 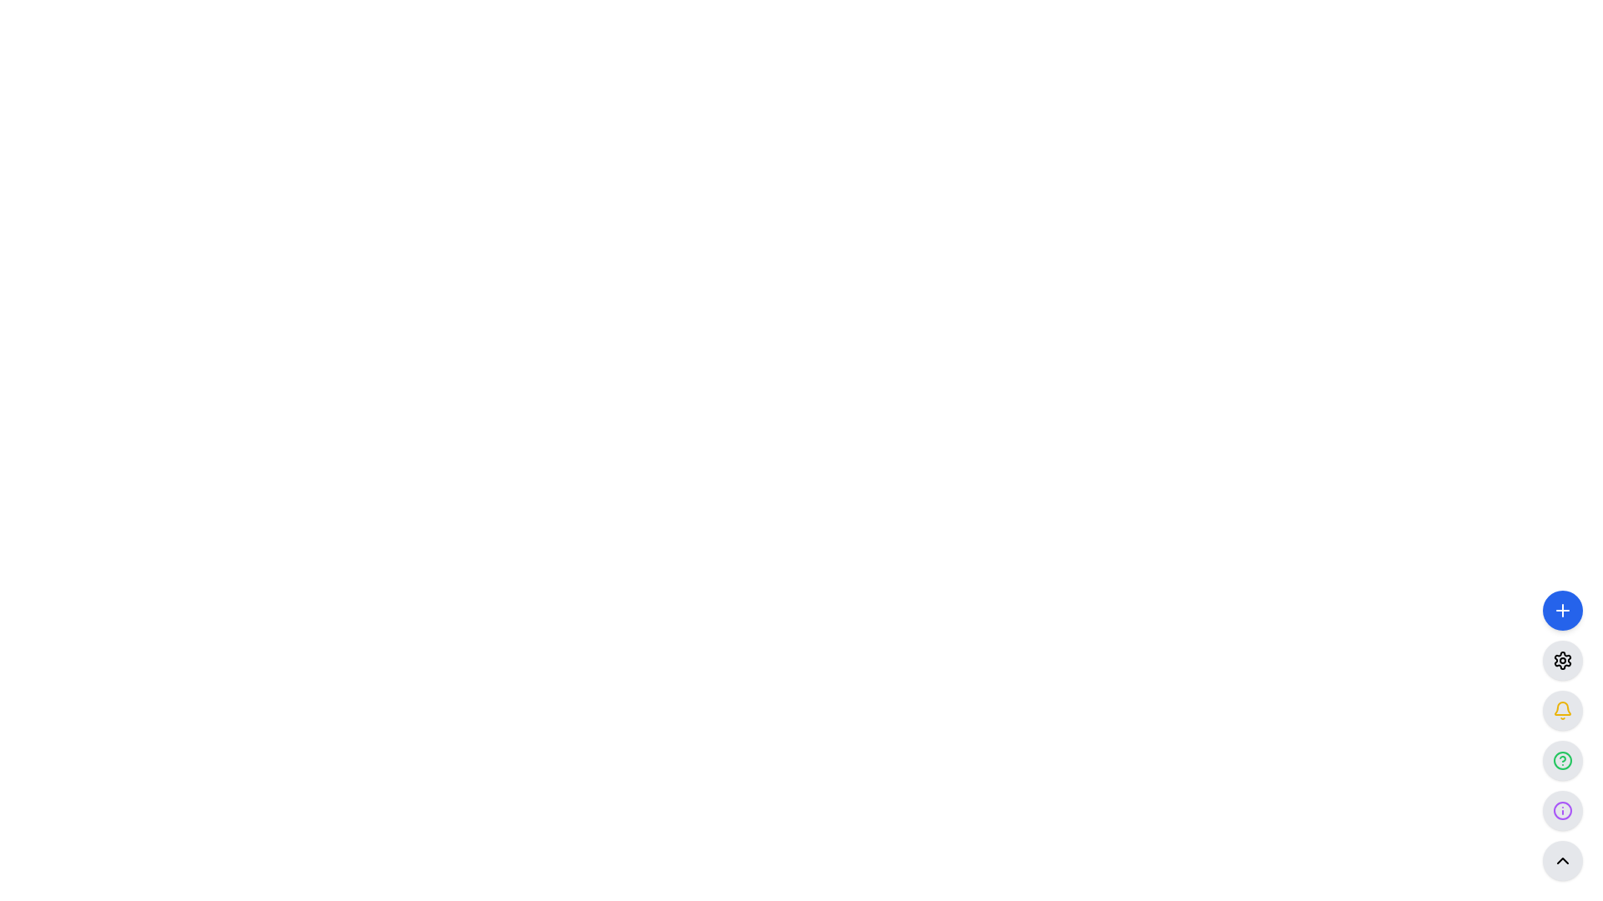 I want to click on the green help button with a question mark icon, which is the third button in a vertical stack of buttons on the right side of the interface, so click(x=1562, y=760).